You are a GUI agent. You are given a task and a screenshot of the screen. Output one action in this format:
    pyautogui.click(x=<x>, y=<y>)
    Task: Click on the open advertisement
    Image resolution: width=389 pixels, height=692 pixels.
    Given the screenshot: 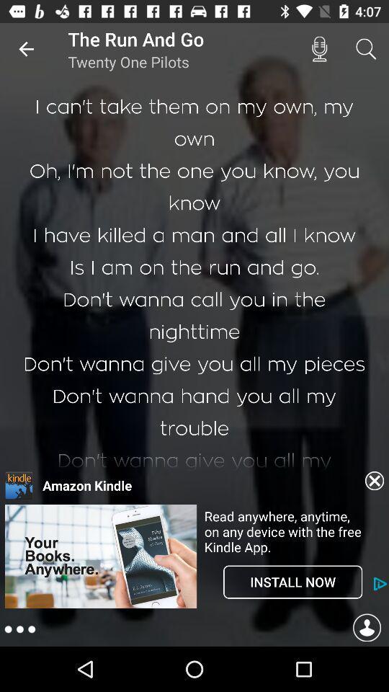 What is the action you would take?
    pyautogui.click(x=100, y=556)
    